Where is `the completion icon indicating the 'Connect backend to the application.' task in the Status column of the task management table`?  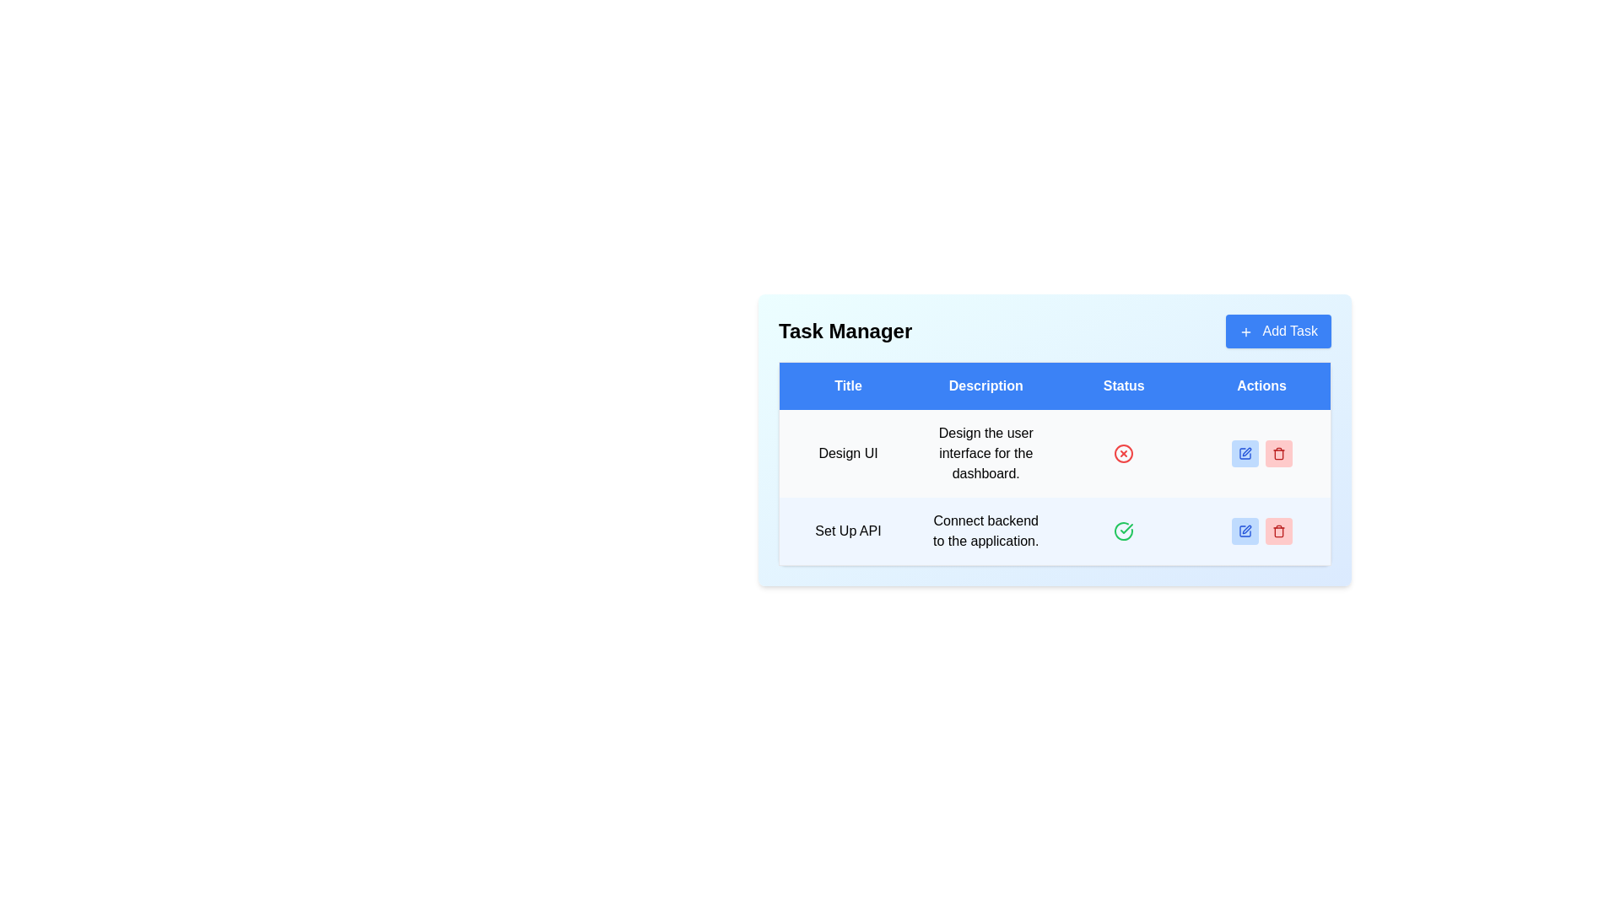
the completion icon indicating the 'Connect backend to the application.' task in the Status column of the task management table is located at coordinates (1124, 531).